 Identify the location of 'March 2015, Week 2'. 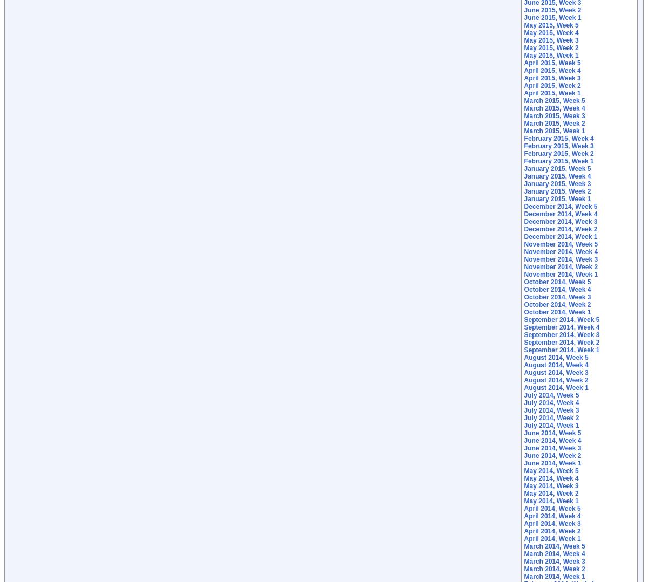
(554, 122).